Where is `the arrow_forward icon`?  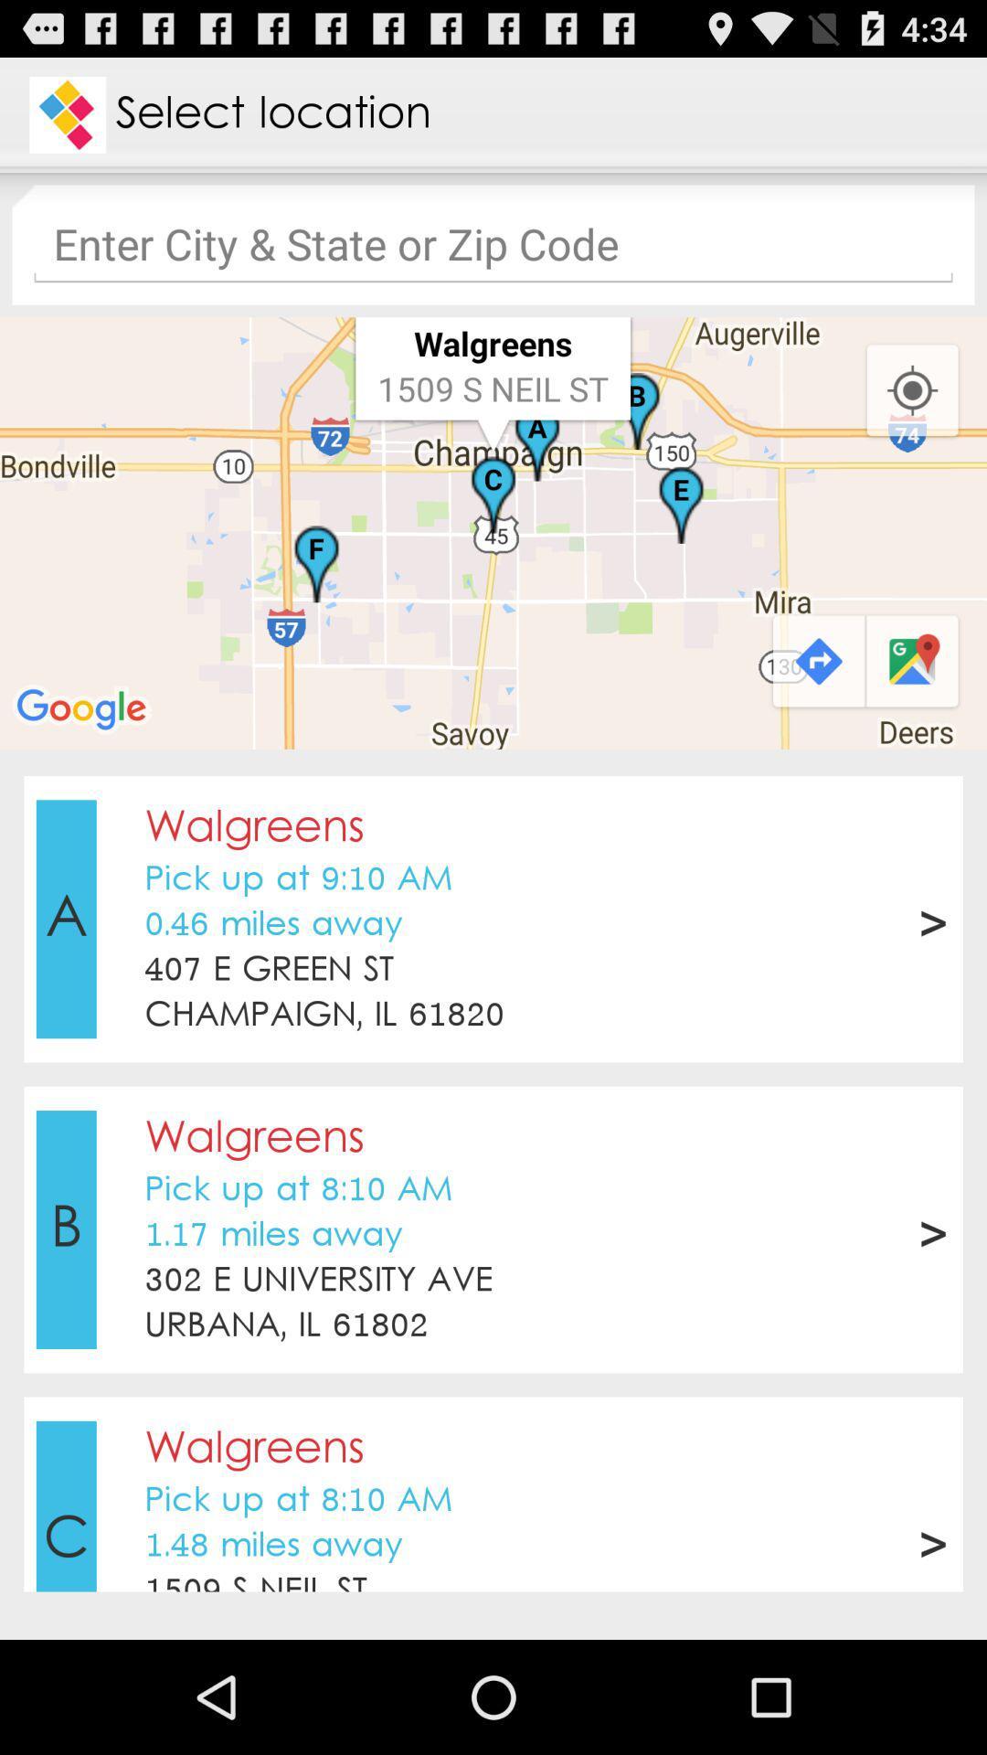
the arrow_forward icon is located at coordinates (816, 707).